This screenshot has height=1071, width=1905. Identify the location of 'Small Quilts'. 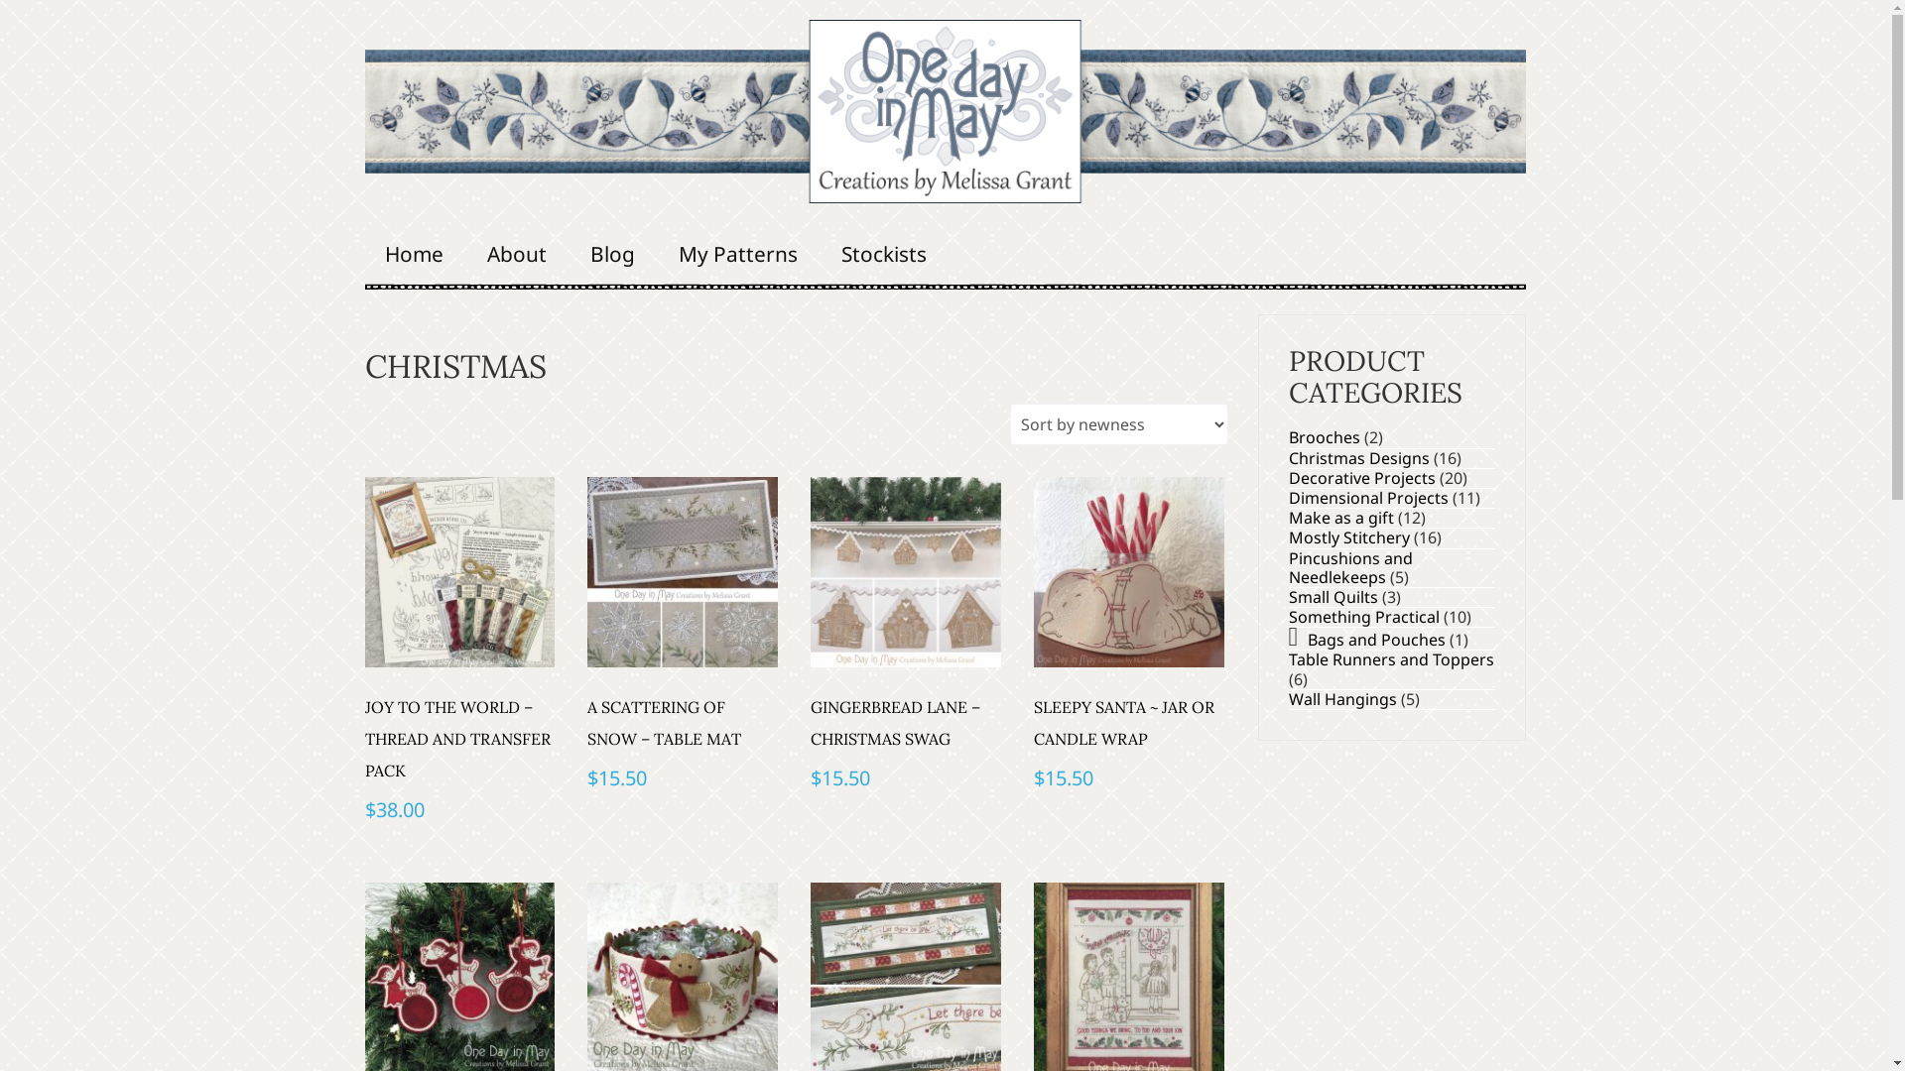
(1287, 595).